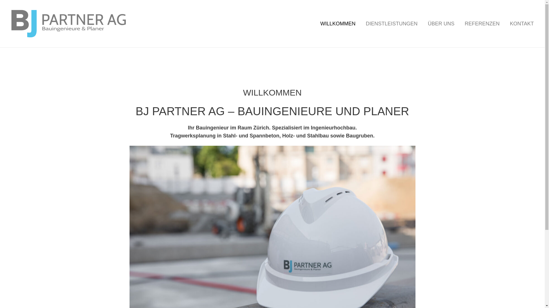  Describe the element at coordinates (338, 23) in the screenshot. I see `'WILLKOMMEN'` at that location.